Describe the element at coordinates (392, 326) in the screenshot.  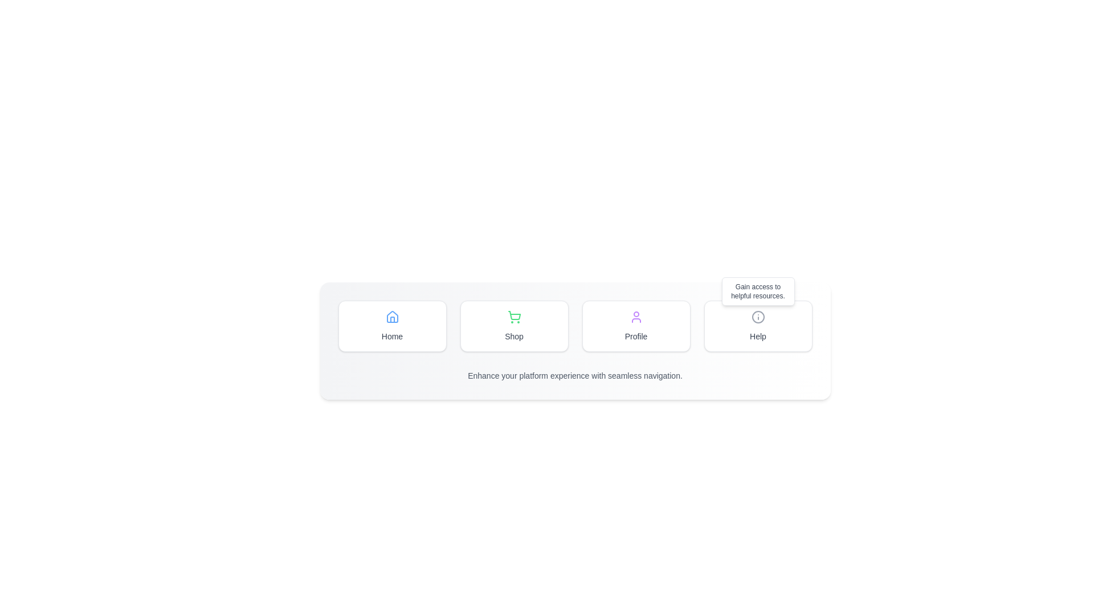
I see `the 'Home' button, which is the first of four horizontally arranged cards` at that location.